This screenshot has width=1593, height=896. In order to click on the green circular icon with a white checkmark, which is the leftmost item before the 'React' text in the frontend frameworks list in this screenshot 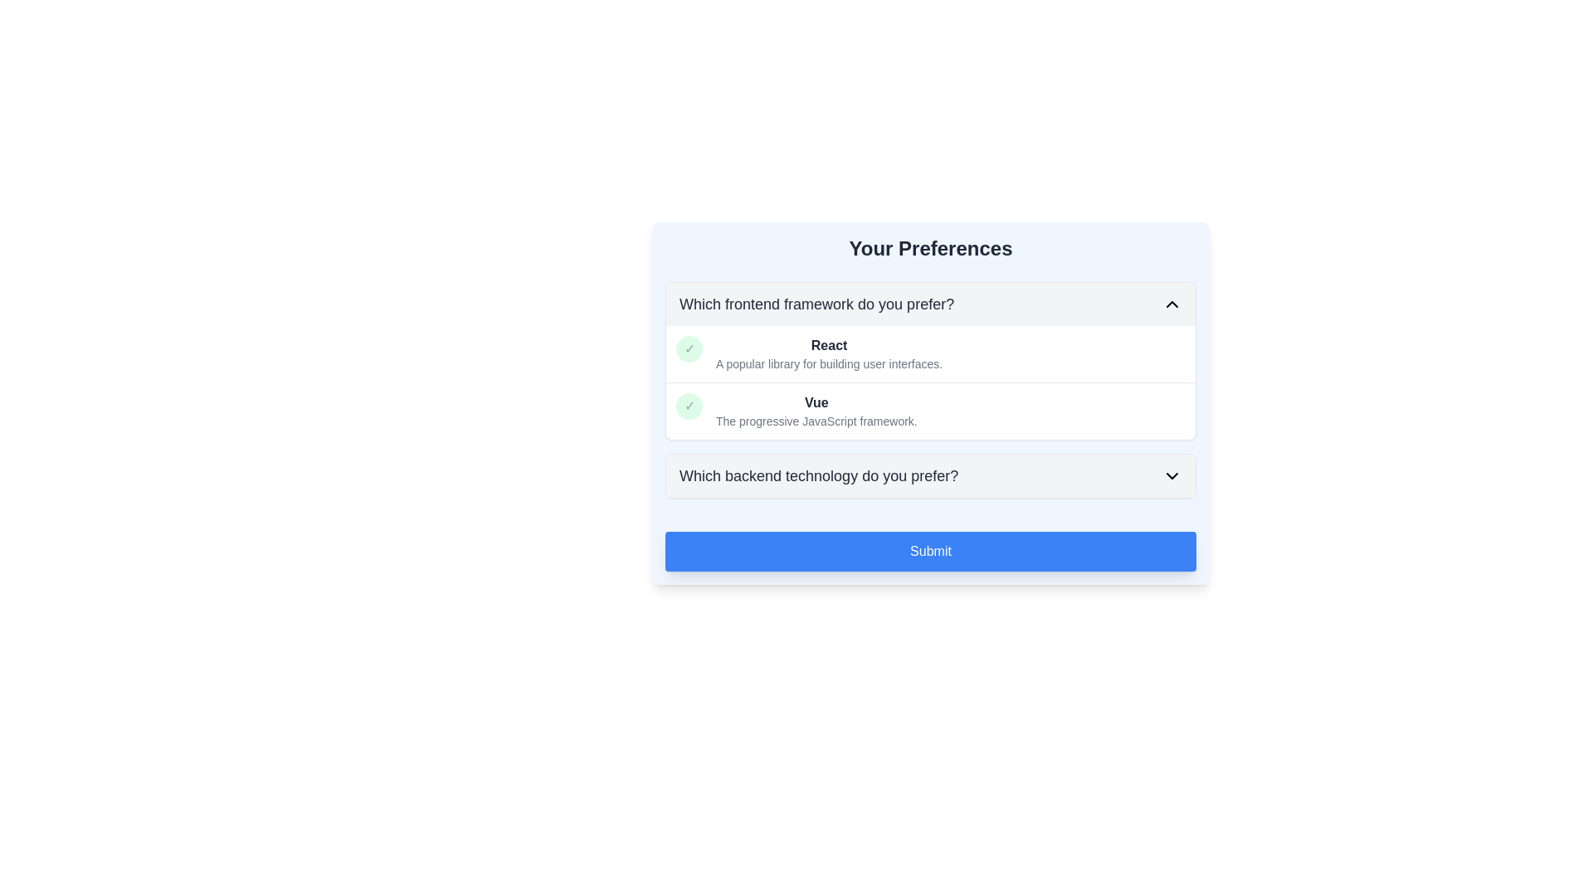, I will do `click(689, 348)`.